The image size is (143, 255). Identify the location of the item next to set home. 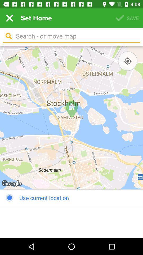
(10, 18).